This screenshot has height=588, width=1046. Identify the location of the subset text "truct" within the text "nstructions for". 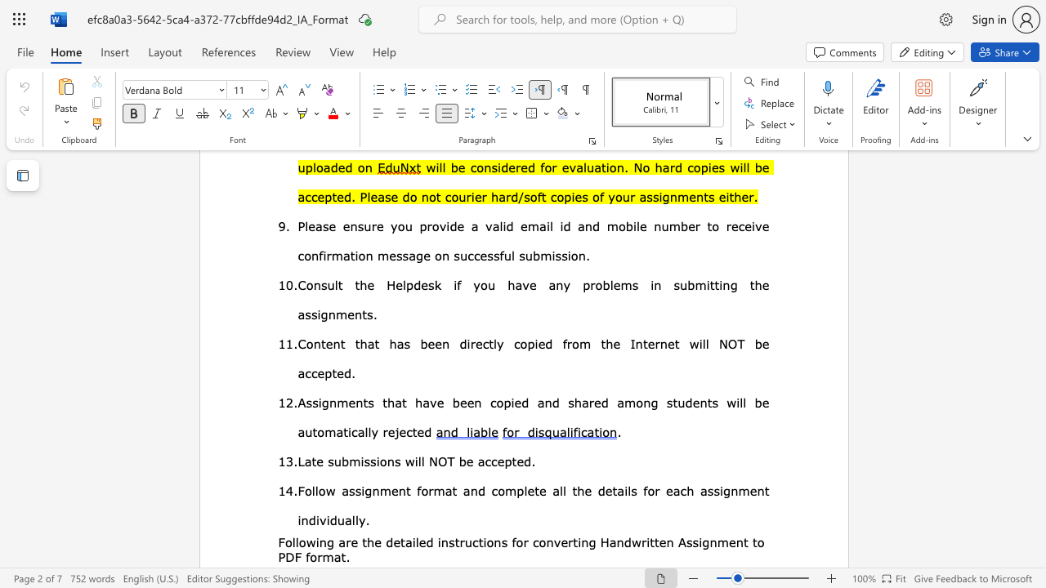
(454, 541).